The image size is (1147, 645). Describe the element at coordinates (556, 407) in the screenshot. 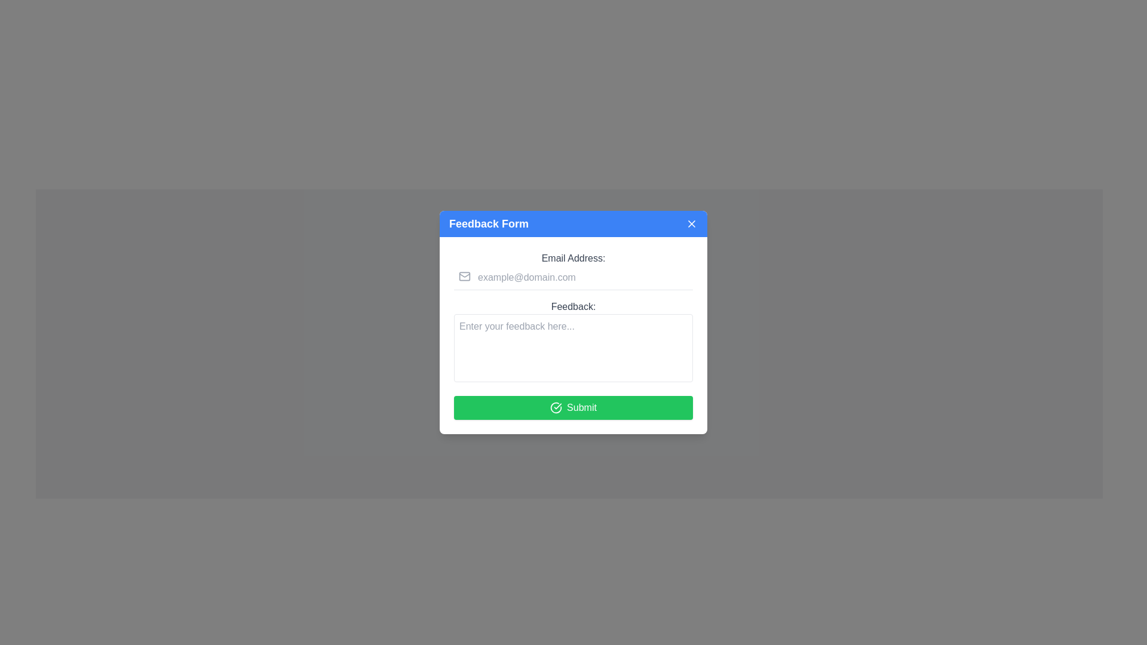

I see `the 'Submit' button by clicking the circular checkmark icon located at its top left corner` at that location.